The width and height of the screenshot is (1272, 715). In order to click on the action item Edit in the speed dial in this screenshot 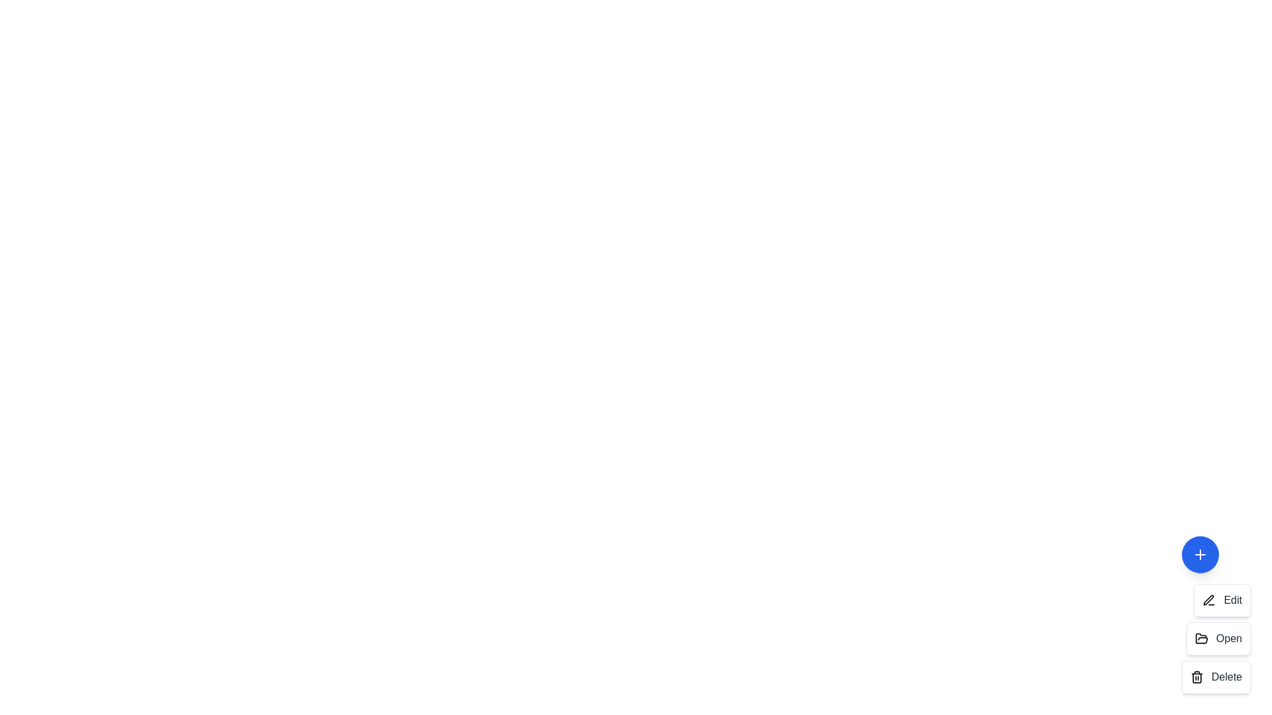, I will do `click(1222, 600)`.